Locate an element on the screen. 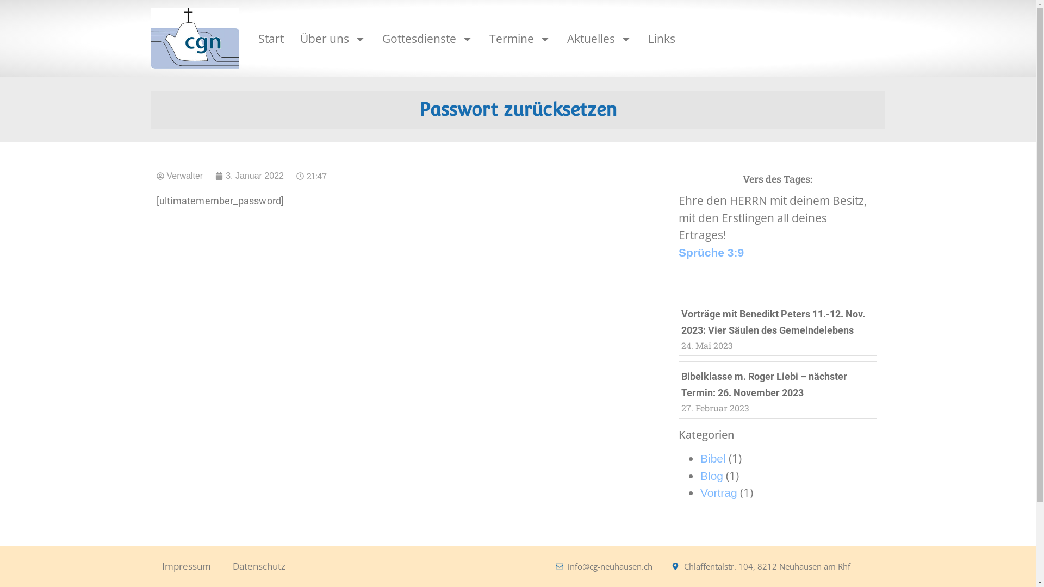  'Gottesdienste' is located at coordinates (426, 38).